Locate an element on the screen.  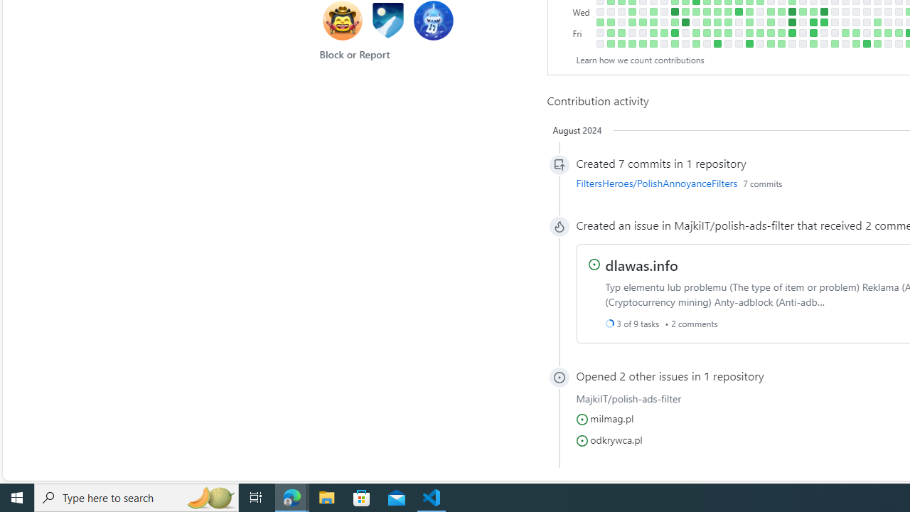
'No contributions on November 24th.' is located at coordinates (738, 32).